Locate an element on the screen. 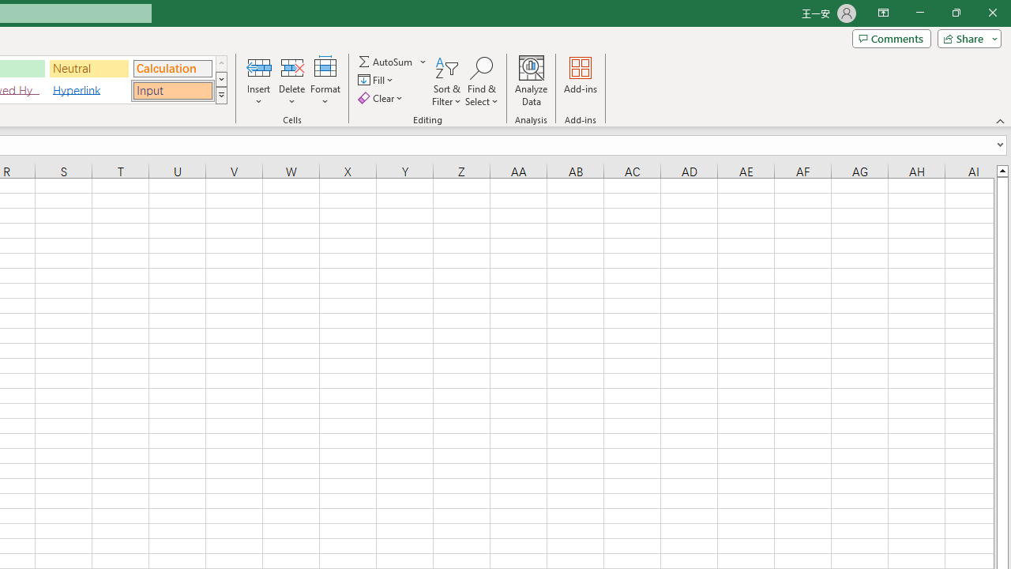 The height and width of the screenshot is (569, 1011). 'Delete' is located at coordinates (291, 81).